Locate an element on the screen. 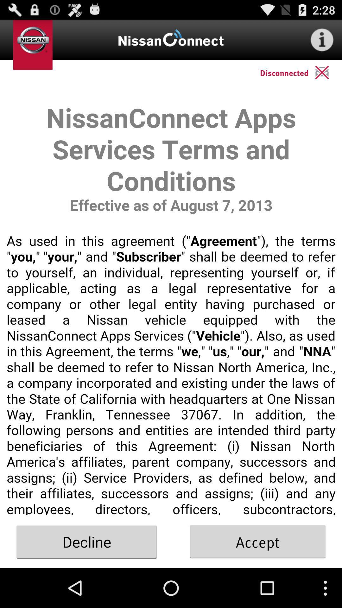 The height and width of the screenshot is (608, 342). the info icon is located at coordinates (322, 42).